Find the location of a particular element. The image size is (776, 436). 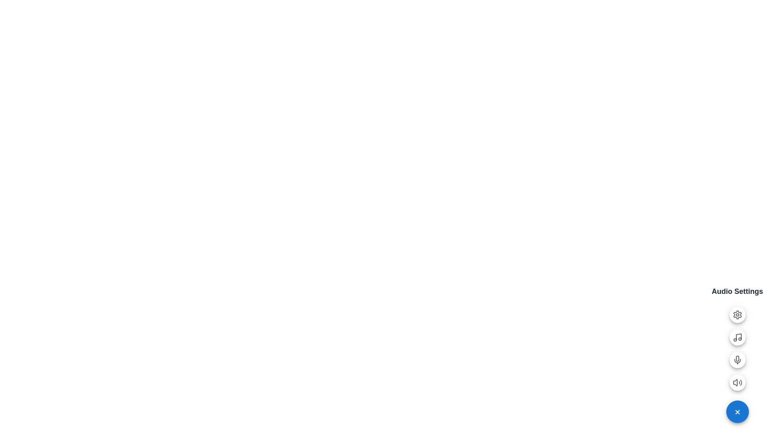

the button located in the bottom-right corner of the interface is located at coordinates (737, 411).